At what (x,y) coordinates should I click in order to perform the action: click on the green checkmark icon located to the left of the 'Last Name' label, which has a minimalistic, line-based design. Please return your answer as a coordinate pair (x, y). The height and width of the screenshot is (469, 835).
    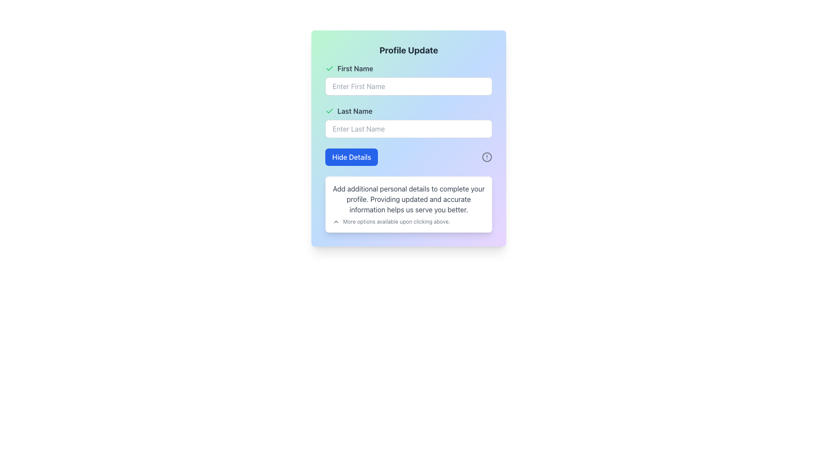
    Looking at the image, I should click on (329, 110).